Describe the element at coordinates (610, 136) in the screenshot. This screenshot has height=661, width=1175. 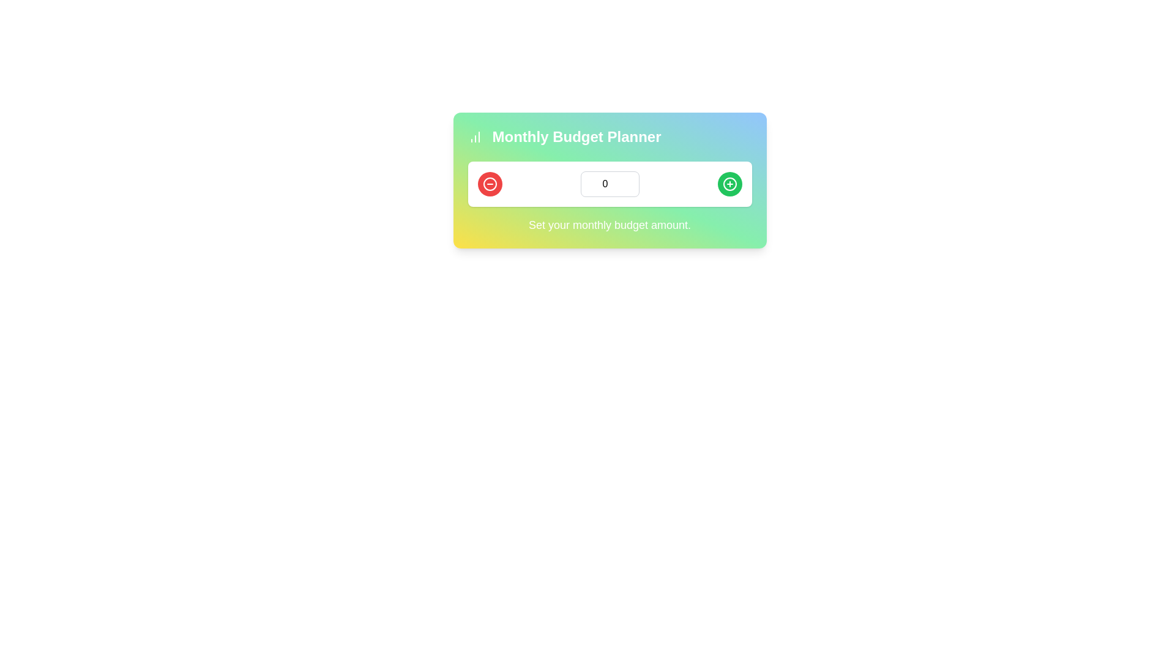
I see `the Header with Icon of the monthly budget planner, which serves as a title for the interface section` at that location.